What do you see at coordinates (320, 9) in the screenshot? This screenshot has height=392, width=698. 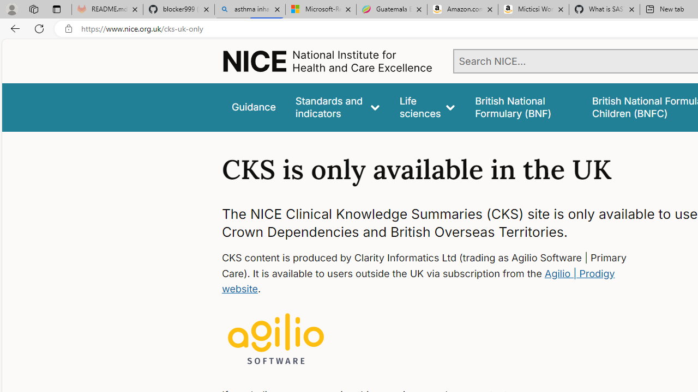 I see `'Microsoft-Report a Concern to Bing'` at bounding box center [320, 9].